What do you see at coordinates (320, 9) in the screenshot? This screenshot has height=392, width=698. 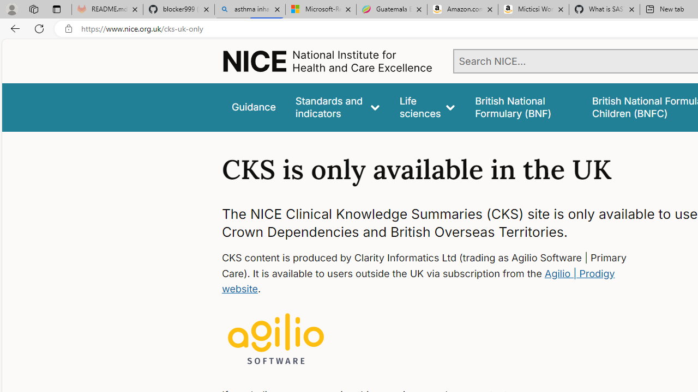 I see `'Microsoft-Report a Concern to Bing'` at bounding box center [320, 9].